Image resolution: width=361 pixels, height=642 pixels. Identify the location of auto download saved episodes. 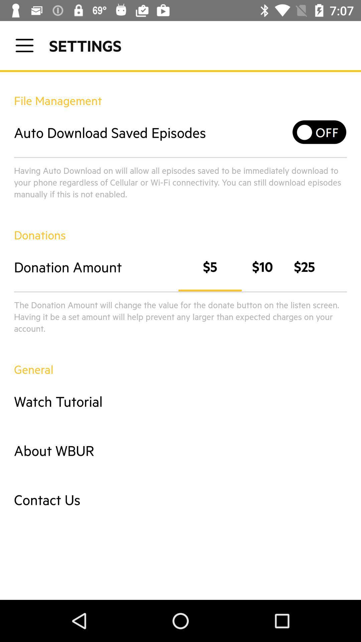
(319, 132).